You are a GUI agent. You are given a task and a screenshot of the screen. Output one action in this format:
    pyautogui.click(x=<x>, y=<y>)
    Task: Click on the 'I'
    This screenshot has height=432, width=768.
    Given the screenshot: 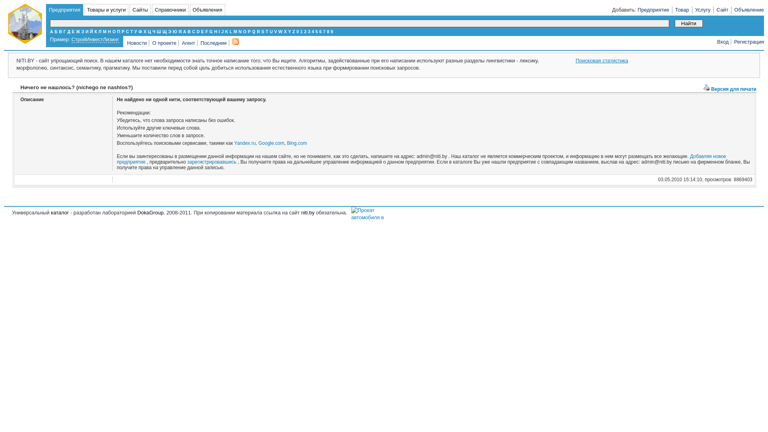 What is the action you would take?
    pyautogui.click(x=219, y=31)
    